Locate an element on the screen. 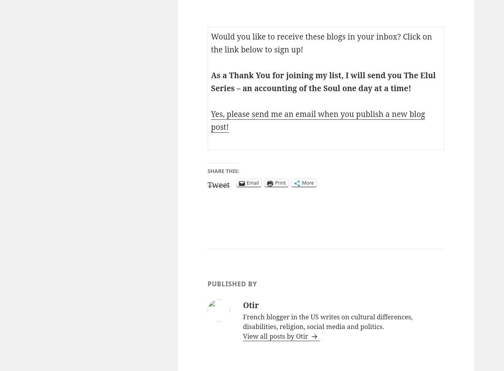  'Published by' is located at coordinates (231, 283).